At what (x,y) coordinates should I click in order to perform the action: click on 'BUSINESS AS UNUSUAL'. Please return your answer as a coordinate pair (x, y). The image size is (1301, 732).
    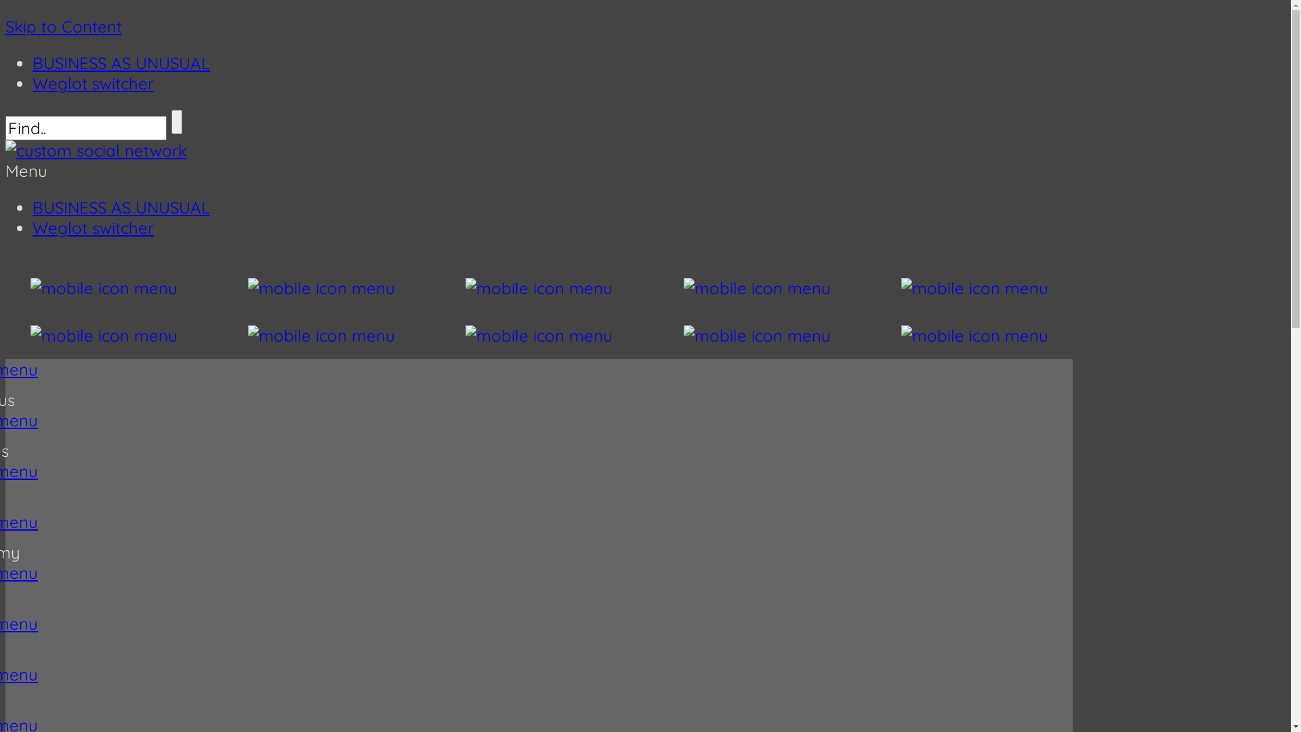
    Looking at the image, I should click on (33, 62).